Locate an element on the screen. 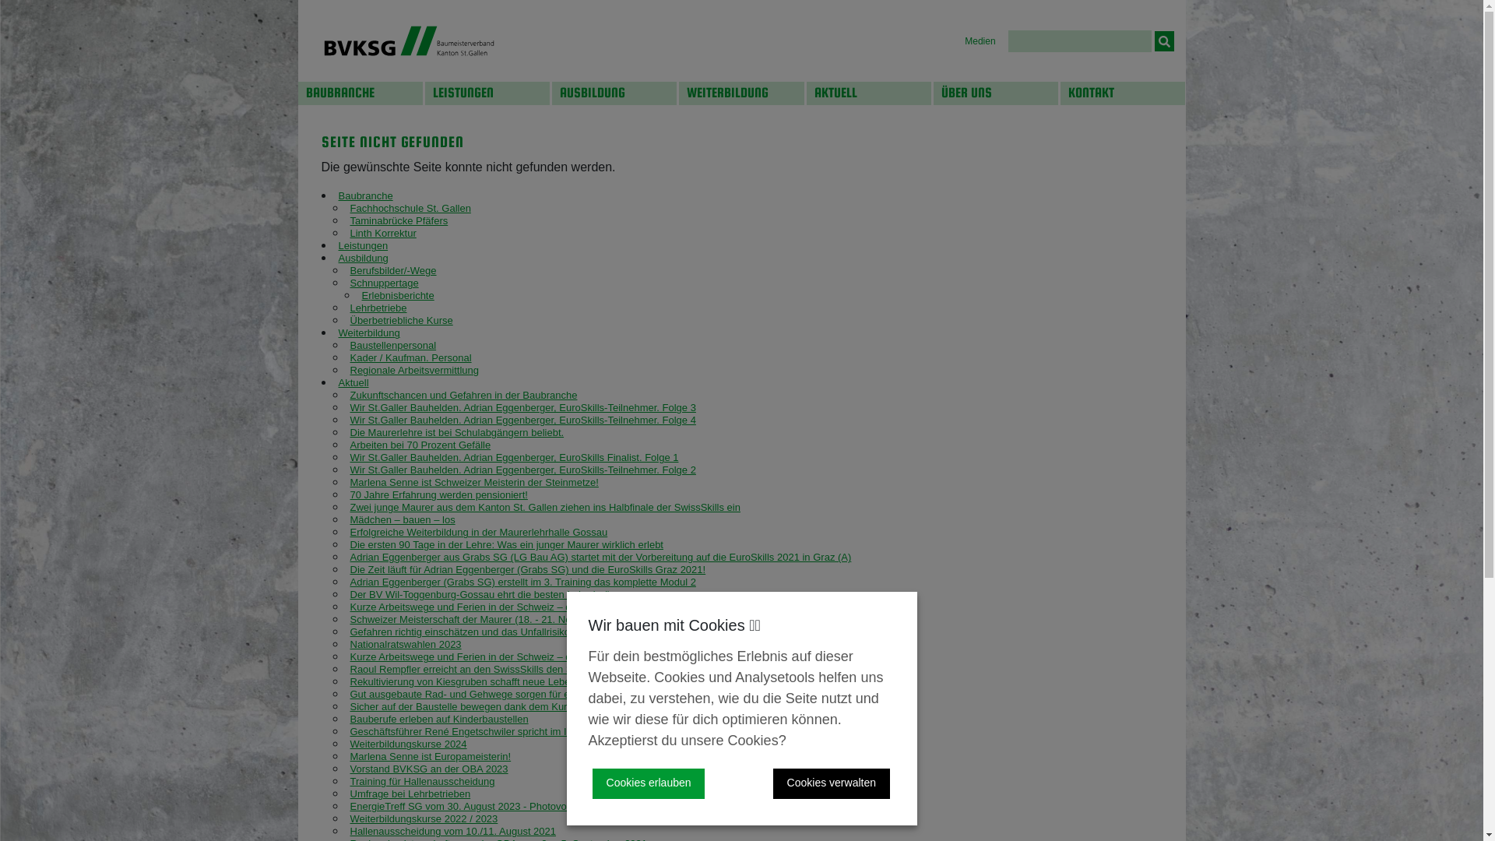 Image resolution: width=1495 pixels, height=841 pixels. 'Regionale Arbeitsvermittlung' is located at coordinates (414, 370).